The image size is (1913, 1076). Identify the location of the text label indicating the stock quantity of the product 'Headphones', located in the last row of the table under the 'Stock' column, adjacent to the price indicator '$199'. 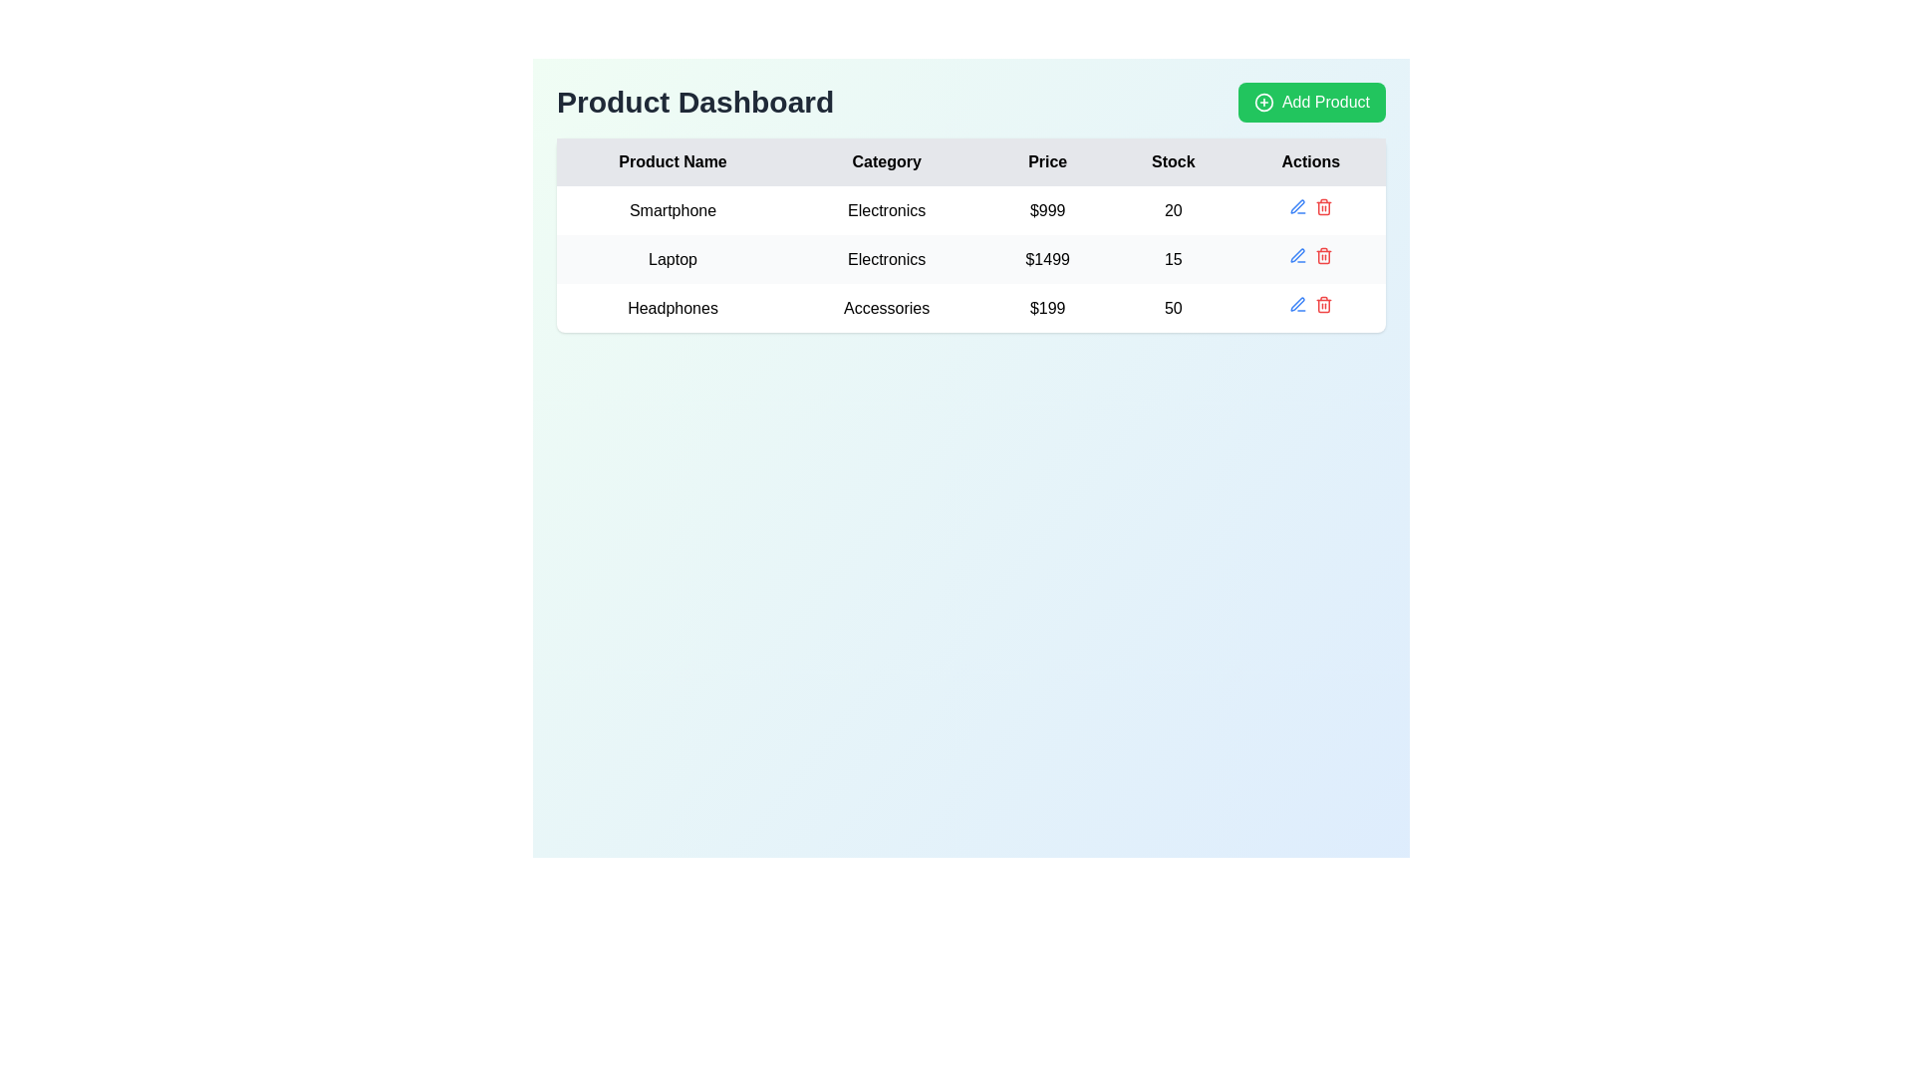
(1173, 308).